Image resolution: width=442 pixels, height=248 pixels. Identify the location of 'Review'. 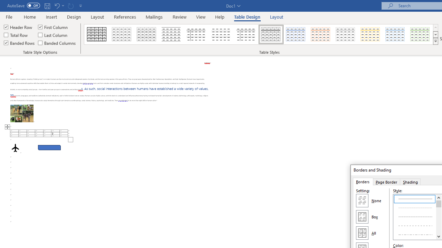
(180, 17).